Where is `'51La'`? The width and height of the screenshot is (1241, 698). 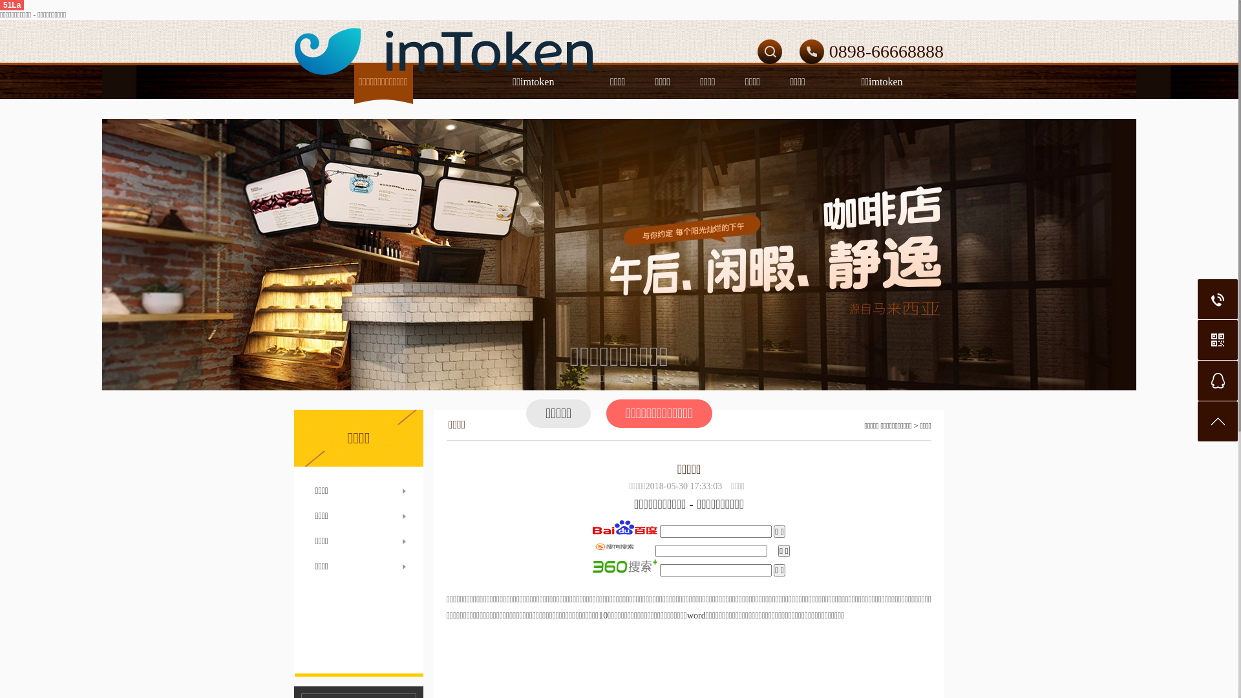 '51La' is located at coordinates (12, 5).